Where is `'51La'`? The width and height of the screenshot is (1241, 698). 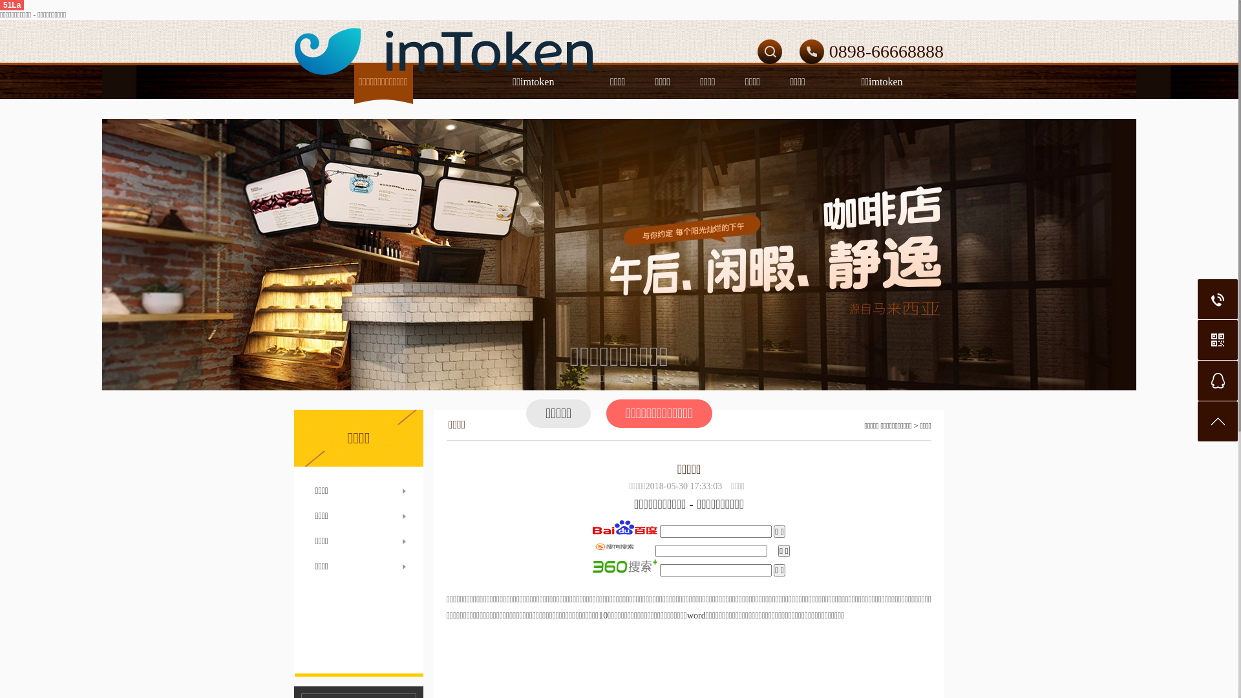 '51La' is located at coordinates (12, 5).